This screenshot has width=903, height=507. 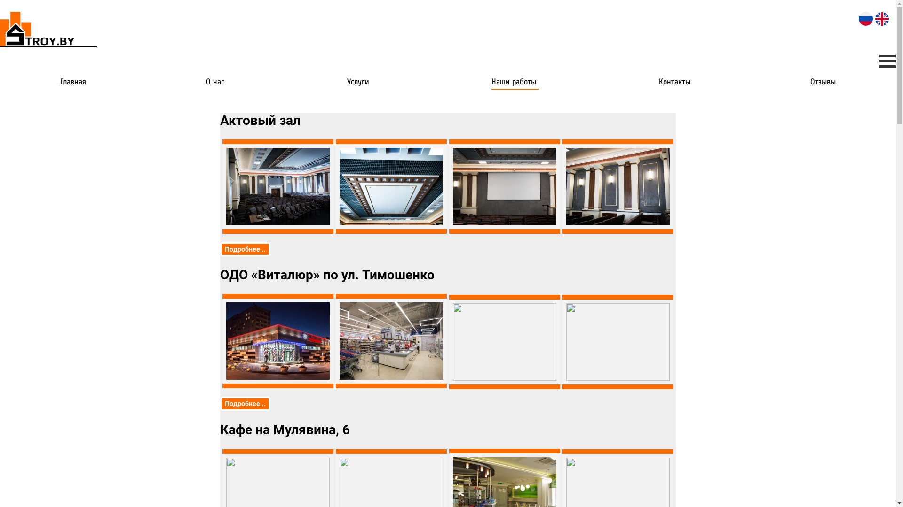 I want to click on 'Russian (RU)', so click(x=865, y=18).